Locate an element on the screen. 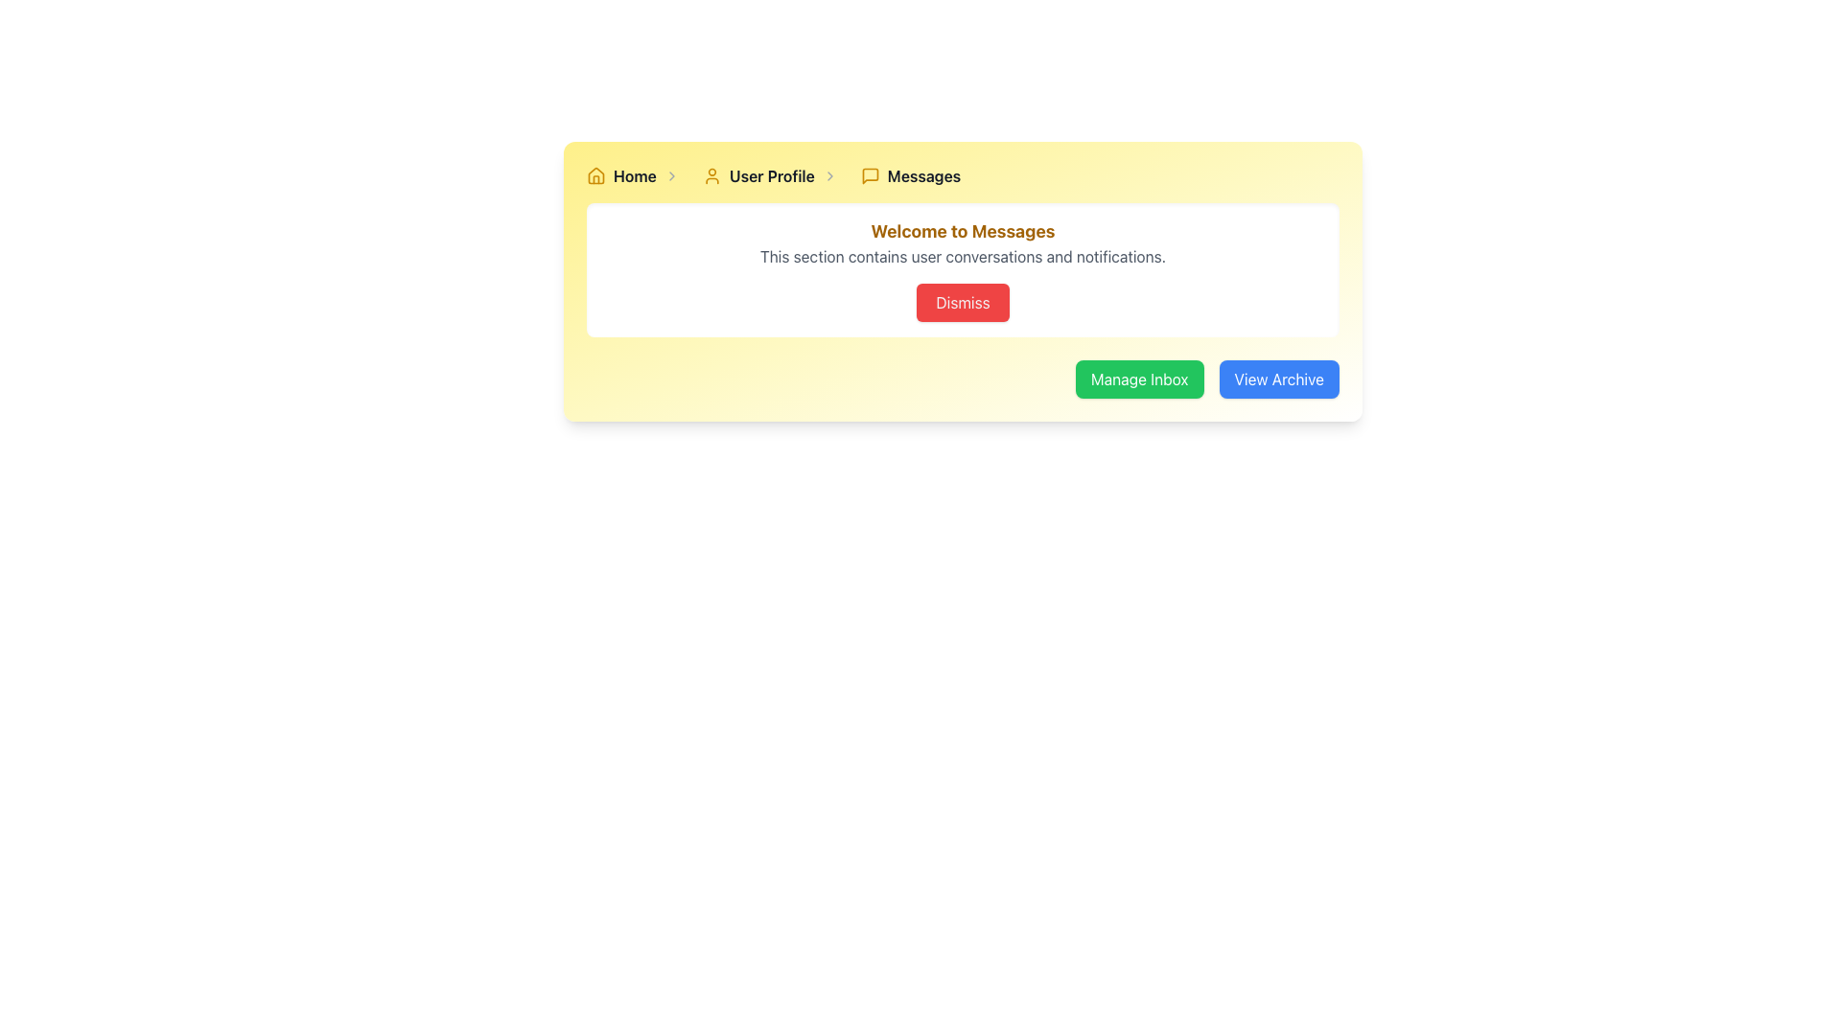 The image size is (1841, 1035). the third interactive breadcrumb link in the navigation bar that directs the user to the Messages section of the application is located at coordinates (910, 176).